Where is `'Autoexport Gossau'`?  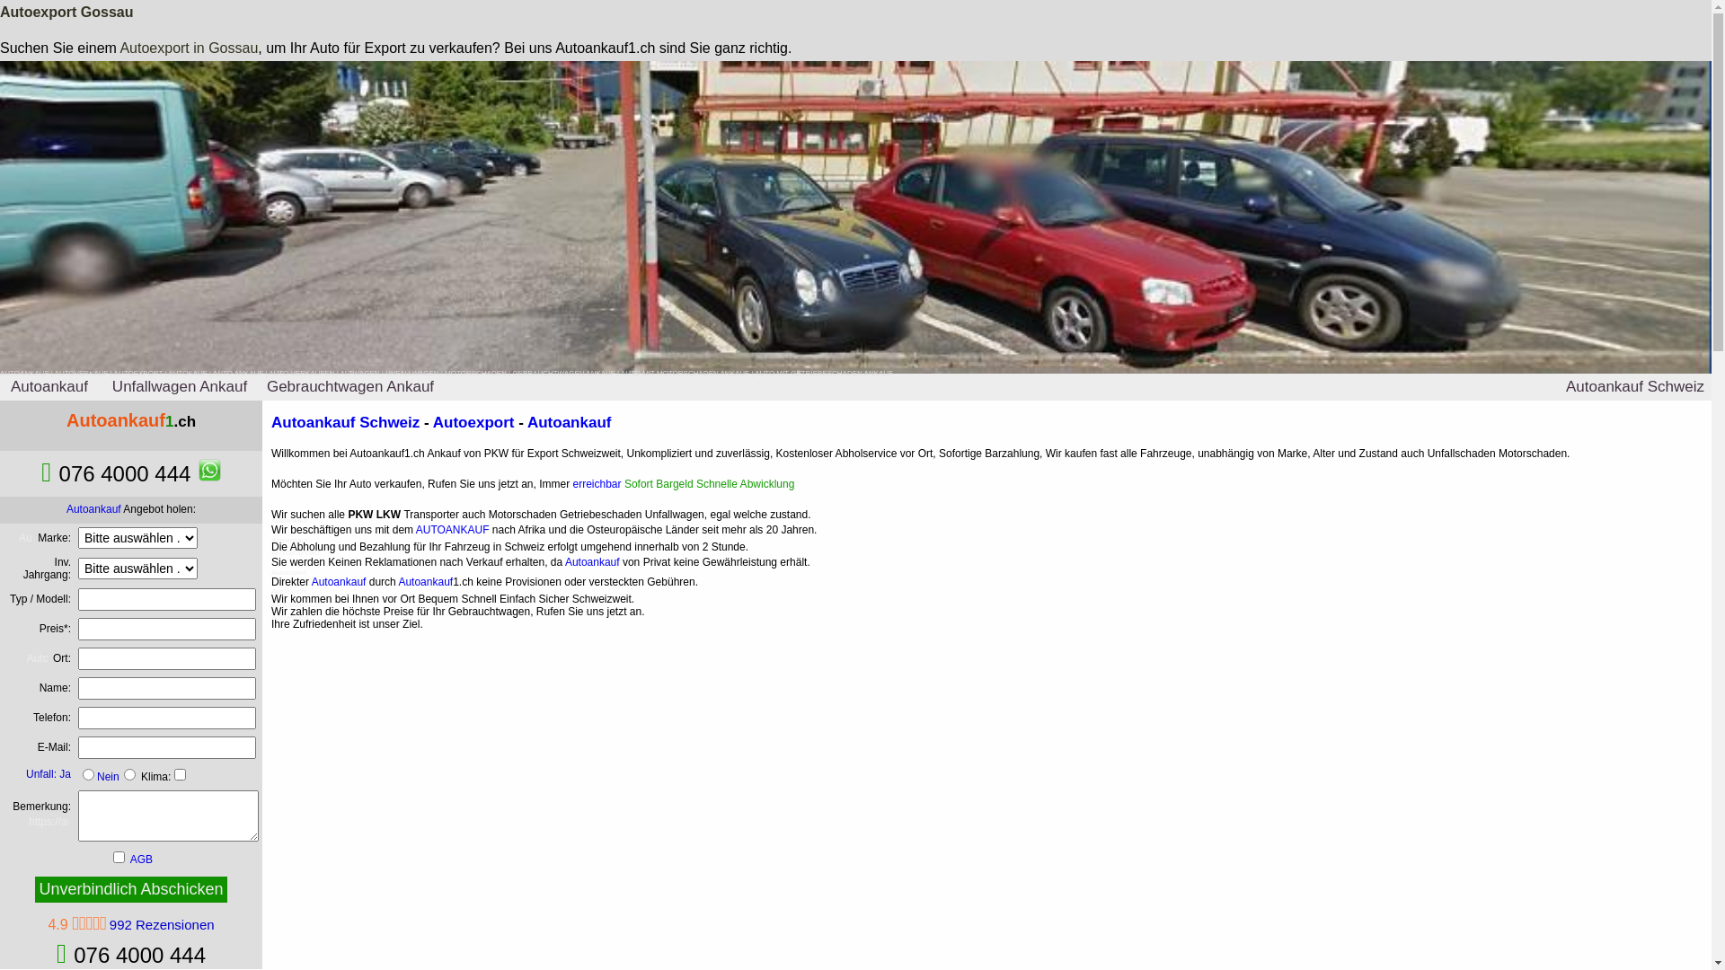
'Autoexport Gossau' is located at coordinates (0, 12).